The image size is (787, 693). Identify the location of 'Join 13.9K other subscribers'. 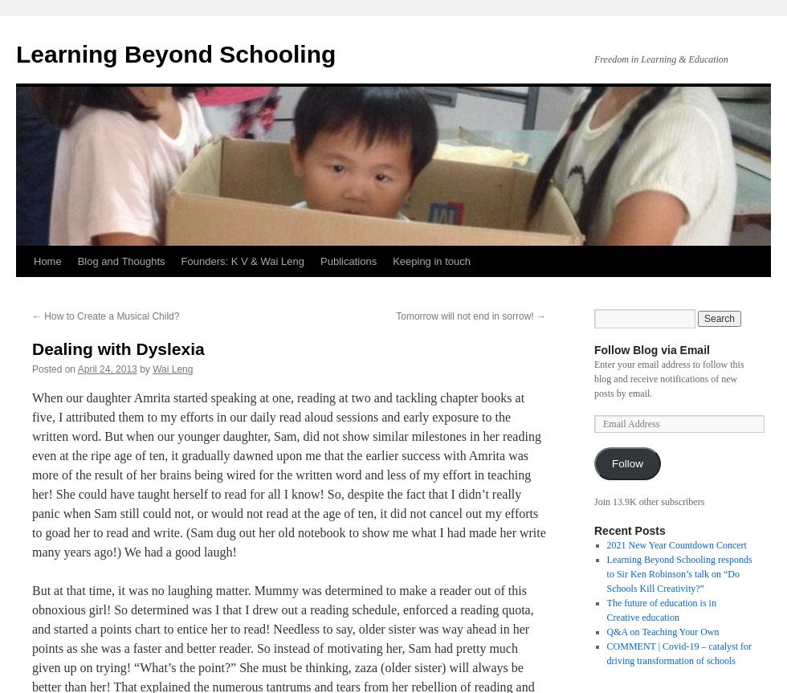
(649, 500).